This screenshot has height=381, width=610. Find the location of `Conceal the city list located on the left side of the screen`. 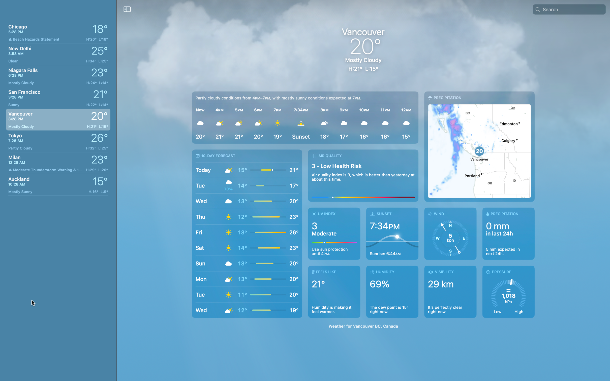

Conceal the city list located on the left side of the screen is located at coordinates (127, 9).